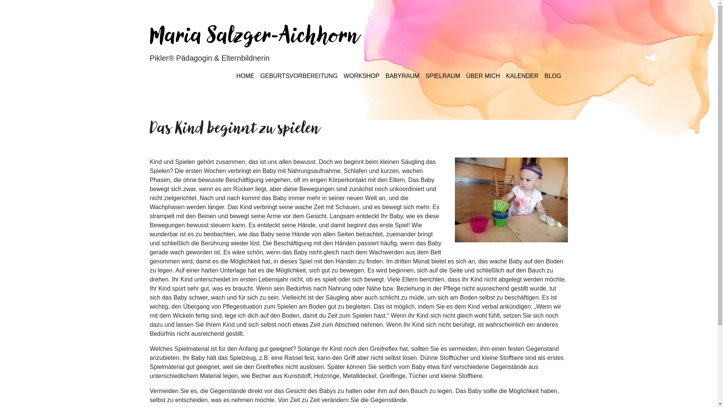  Describe the element at coordinates (255, 37) in the screenshot. I see `'Maria Salzger-Aichhorn'` at that location.